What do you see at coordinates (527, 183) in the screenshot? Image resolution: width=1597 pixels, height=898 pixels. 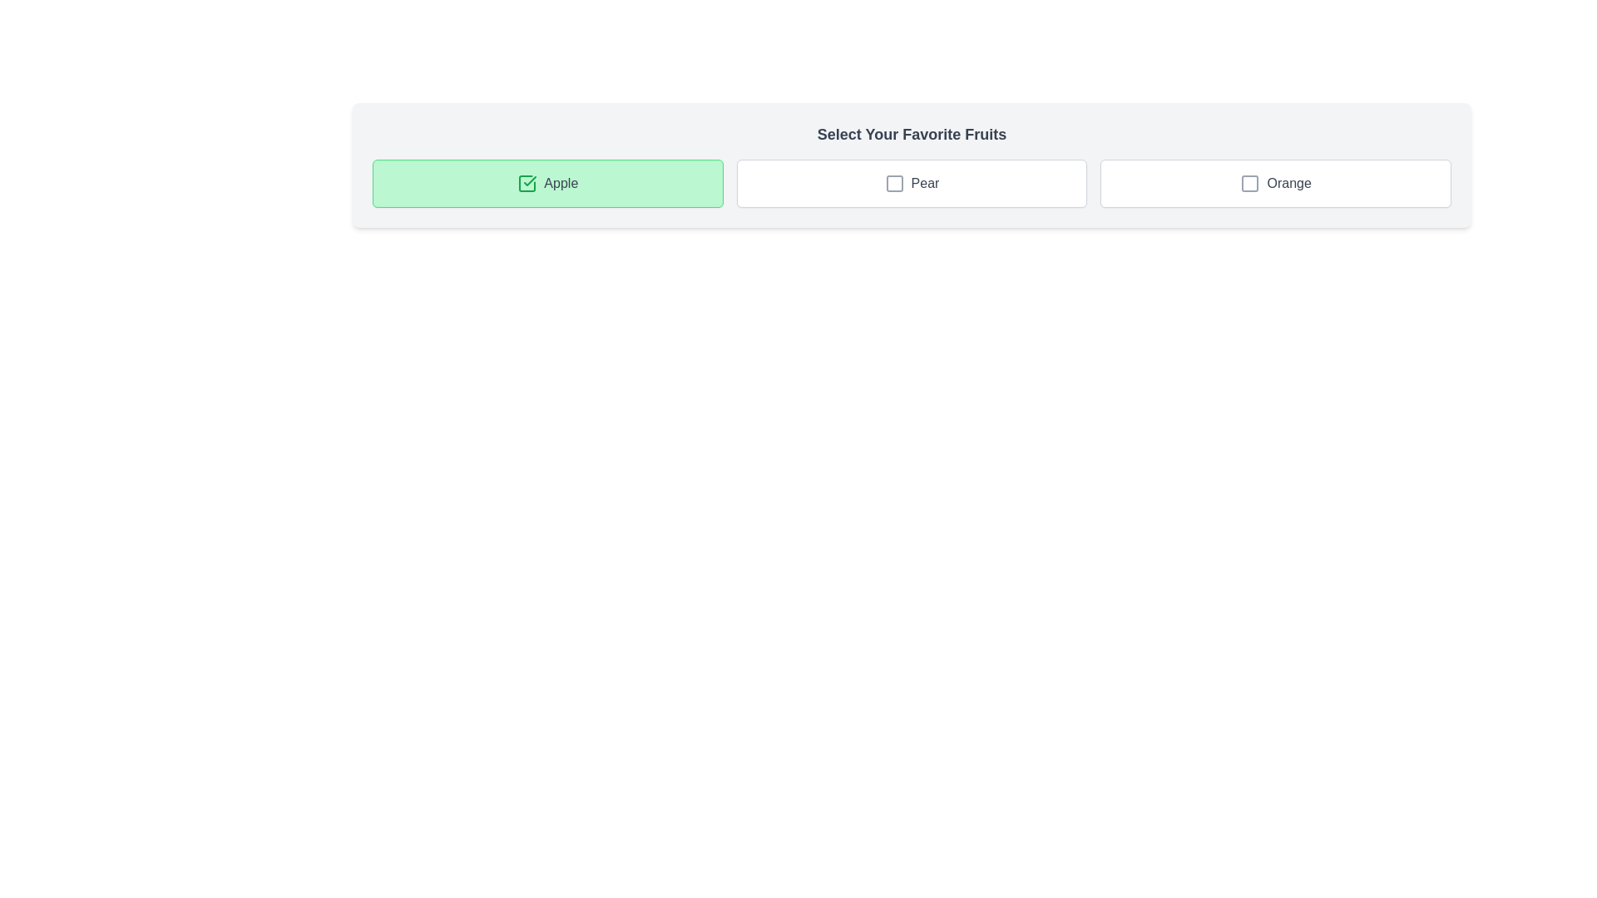 I see `the Checkbox icon indicating the checked state for the option labeled 'Apple'` at bounding box center [527, 183].